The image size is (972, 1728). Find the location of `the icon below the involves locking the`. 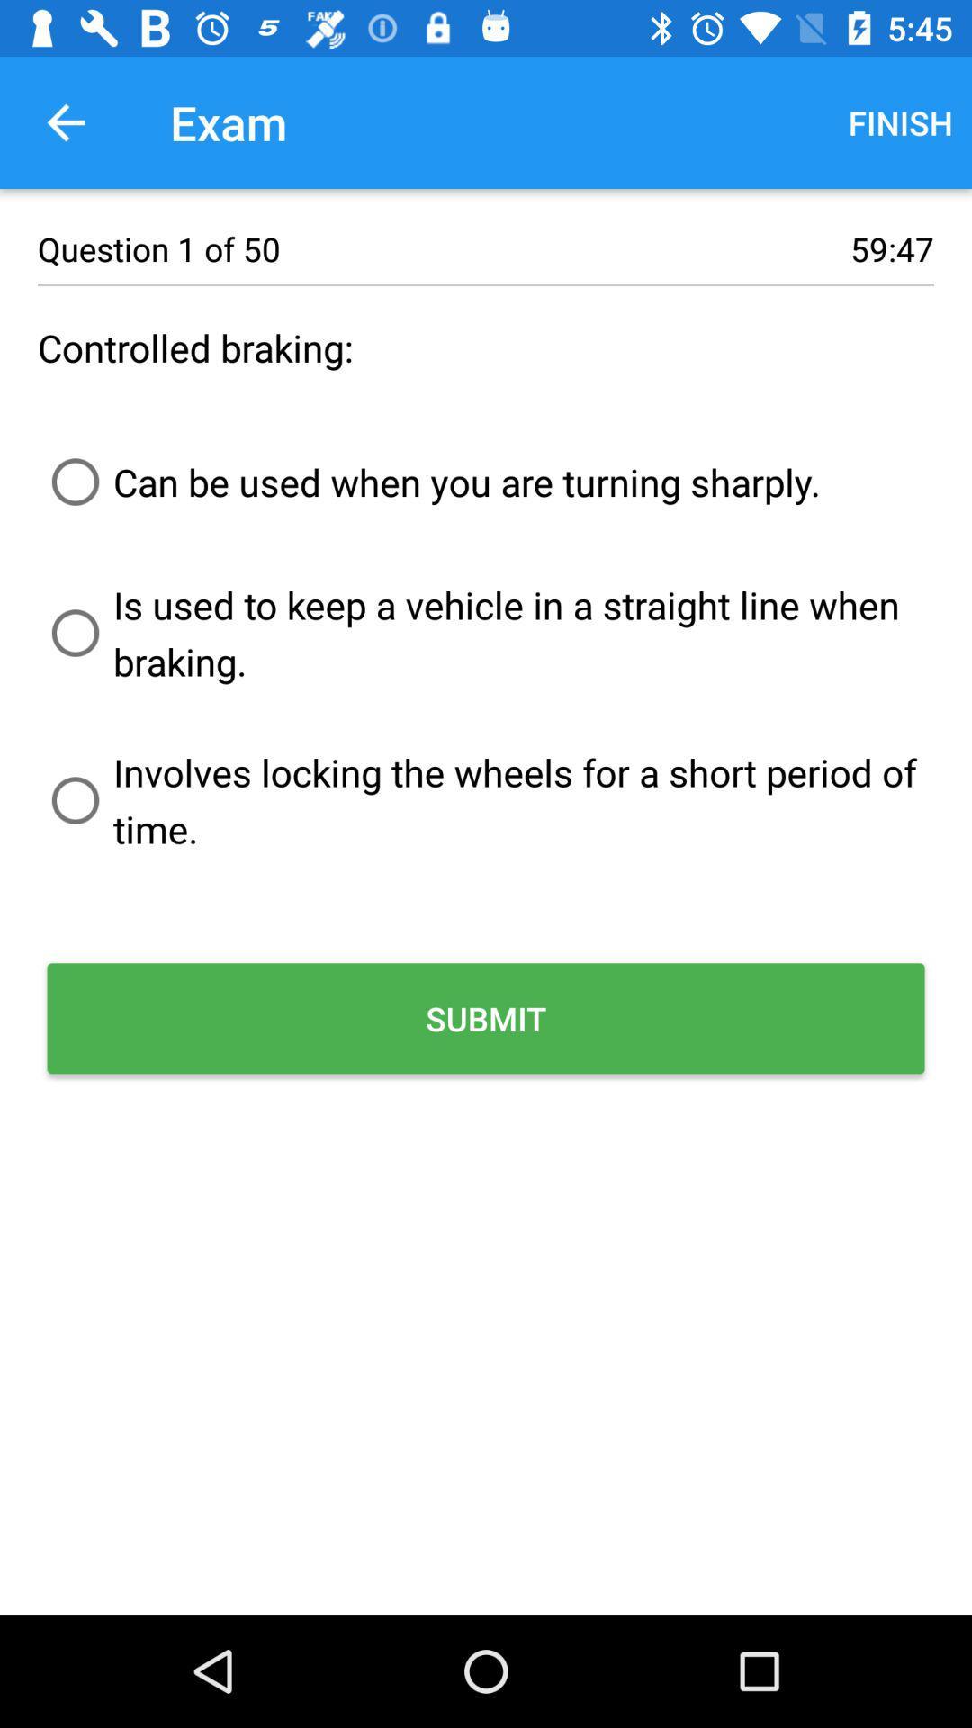

the icon below the involves locking the is located at coordinates (486, 1018).